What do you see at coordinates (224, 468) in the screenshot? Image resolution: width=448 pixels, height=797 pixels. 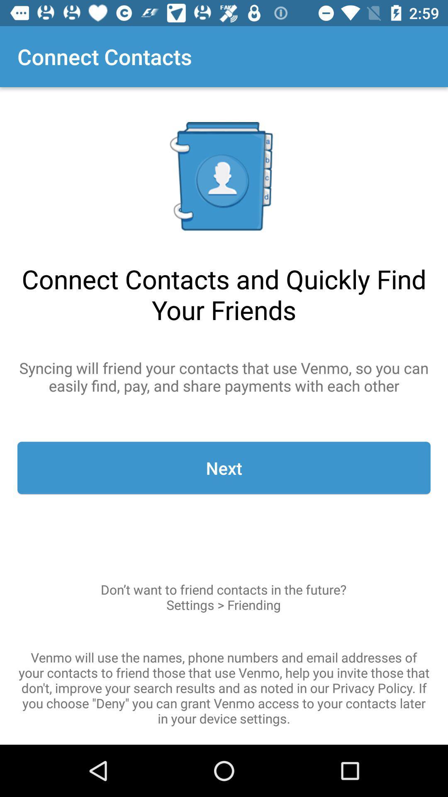 I see `next icon` at bounding box center [224, 468].